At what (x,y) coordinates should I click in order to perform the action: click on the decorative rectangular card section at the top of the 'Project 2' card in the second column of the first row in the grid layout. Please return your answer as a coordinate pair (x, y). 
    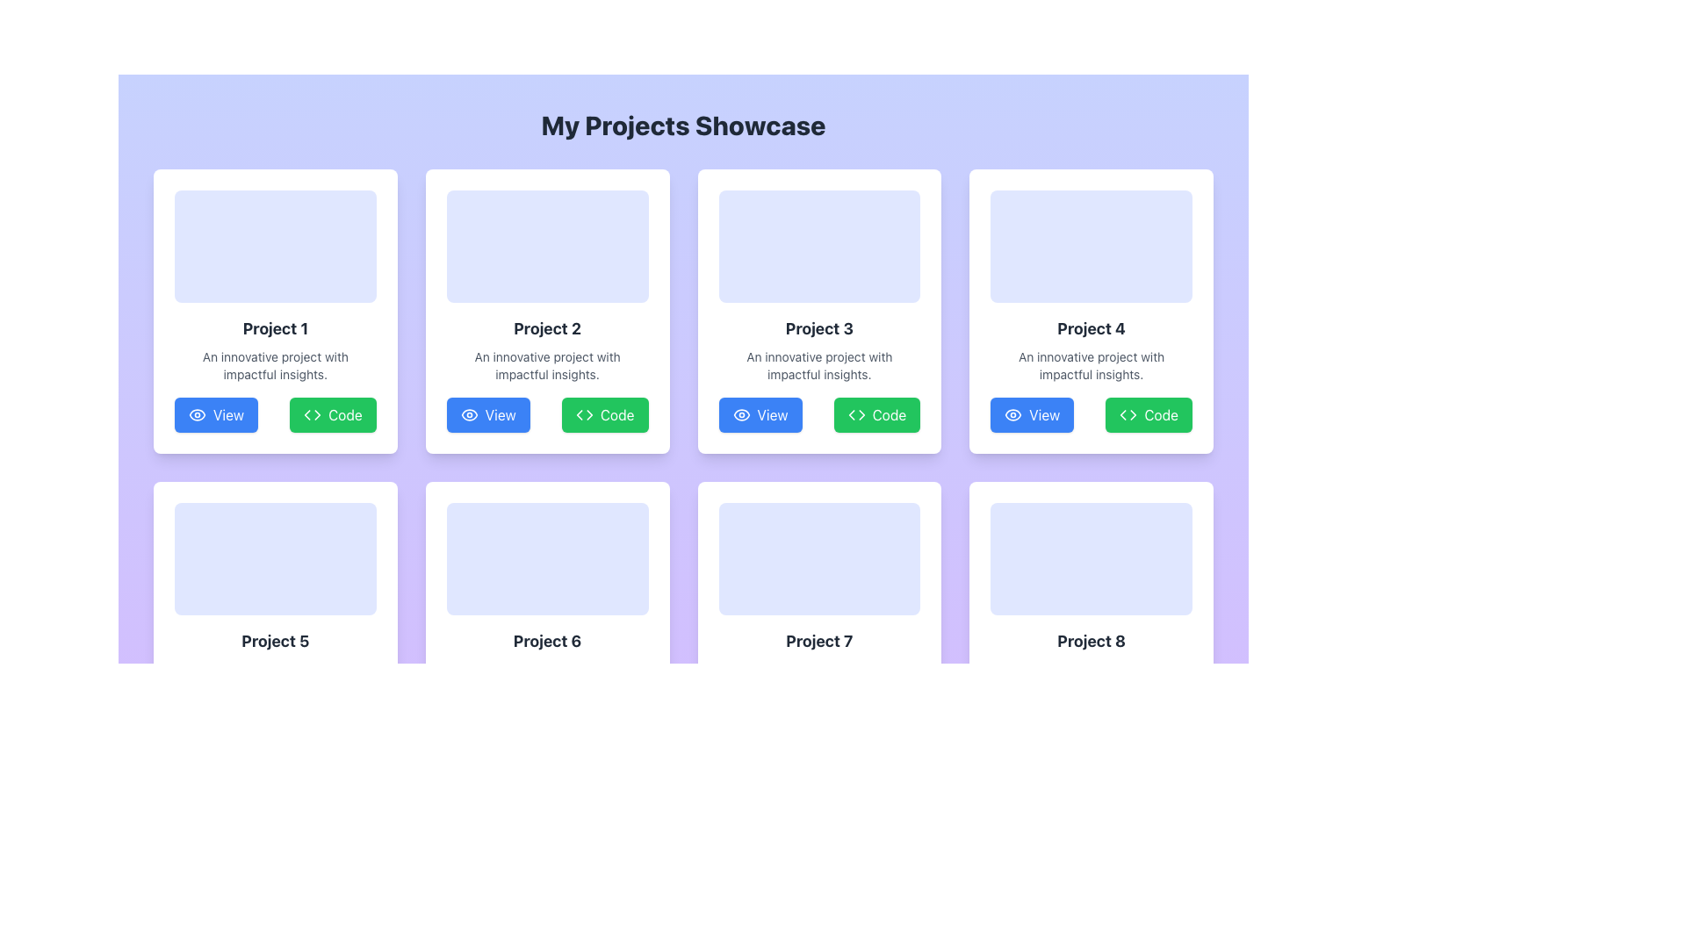
    Looking at the image, I should click on (546, 247).